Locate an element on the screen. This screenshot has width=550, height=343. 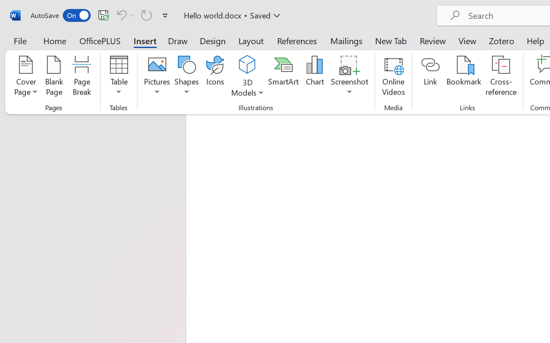
'Cross-reference...' is located at coordinates (501, 77).